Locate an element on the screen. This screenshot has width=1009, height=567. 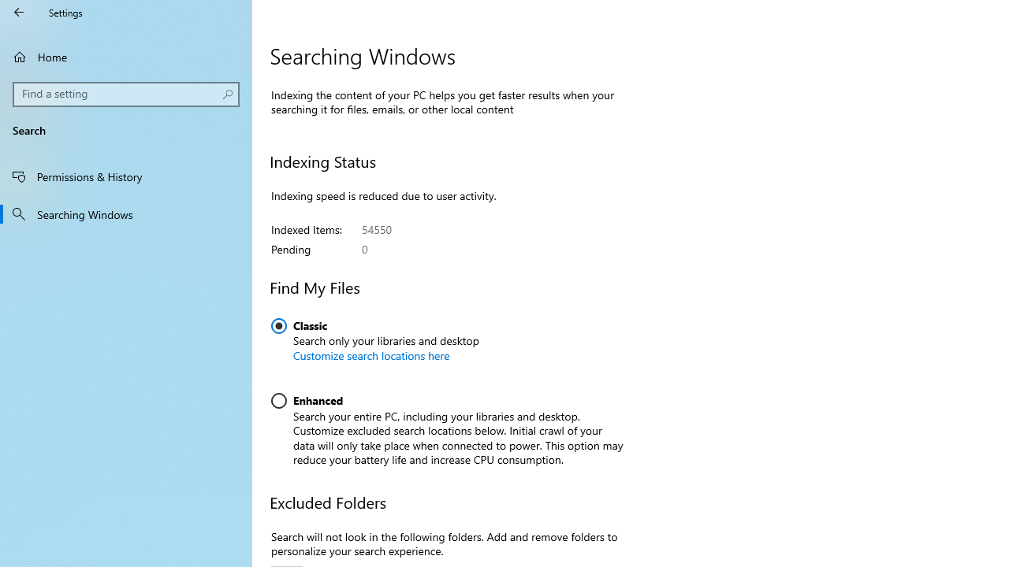
'Customize search locations here' is located at coordinates (370, 355).